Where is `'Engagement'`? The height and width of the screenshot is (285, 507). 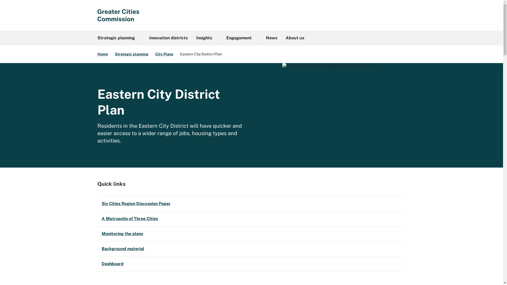
'Engagement' is located at coordinates (241, 37).